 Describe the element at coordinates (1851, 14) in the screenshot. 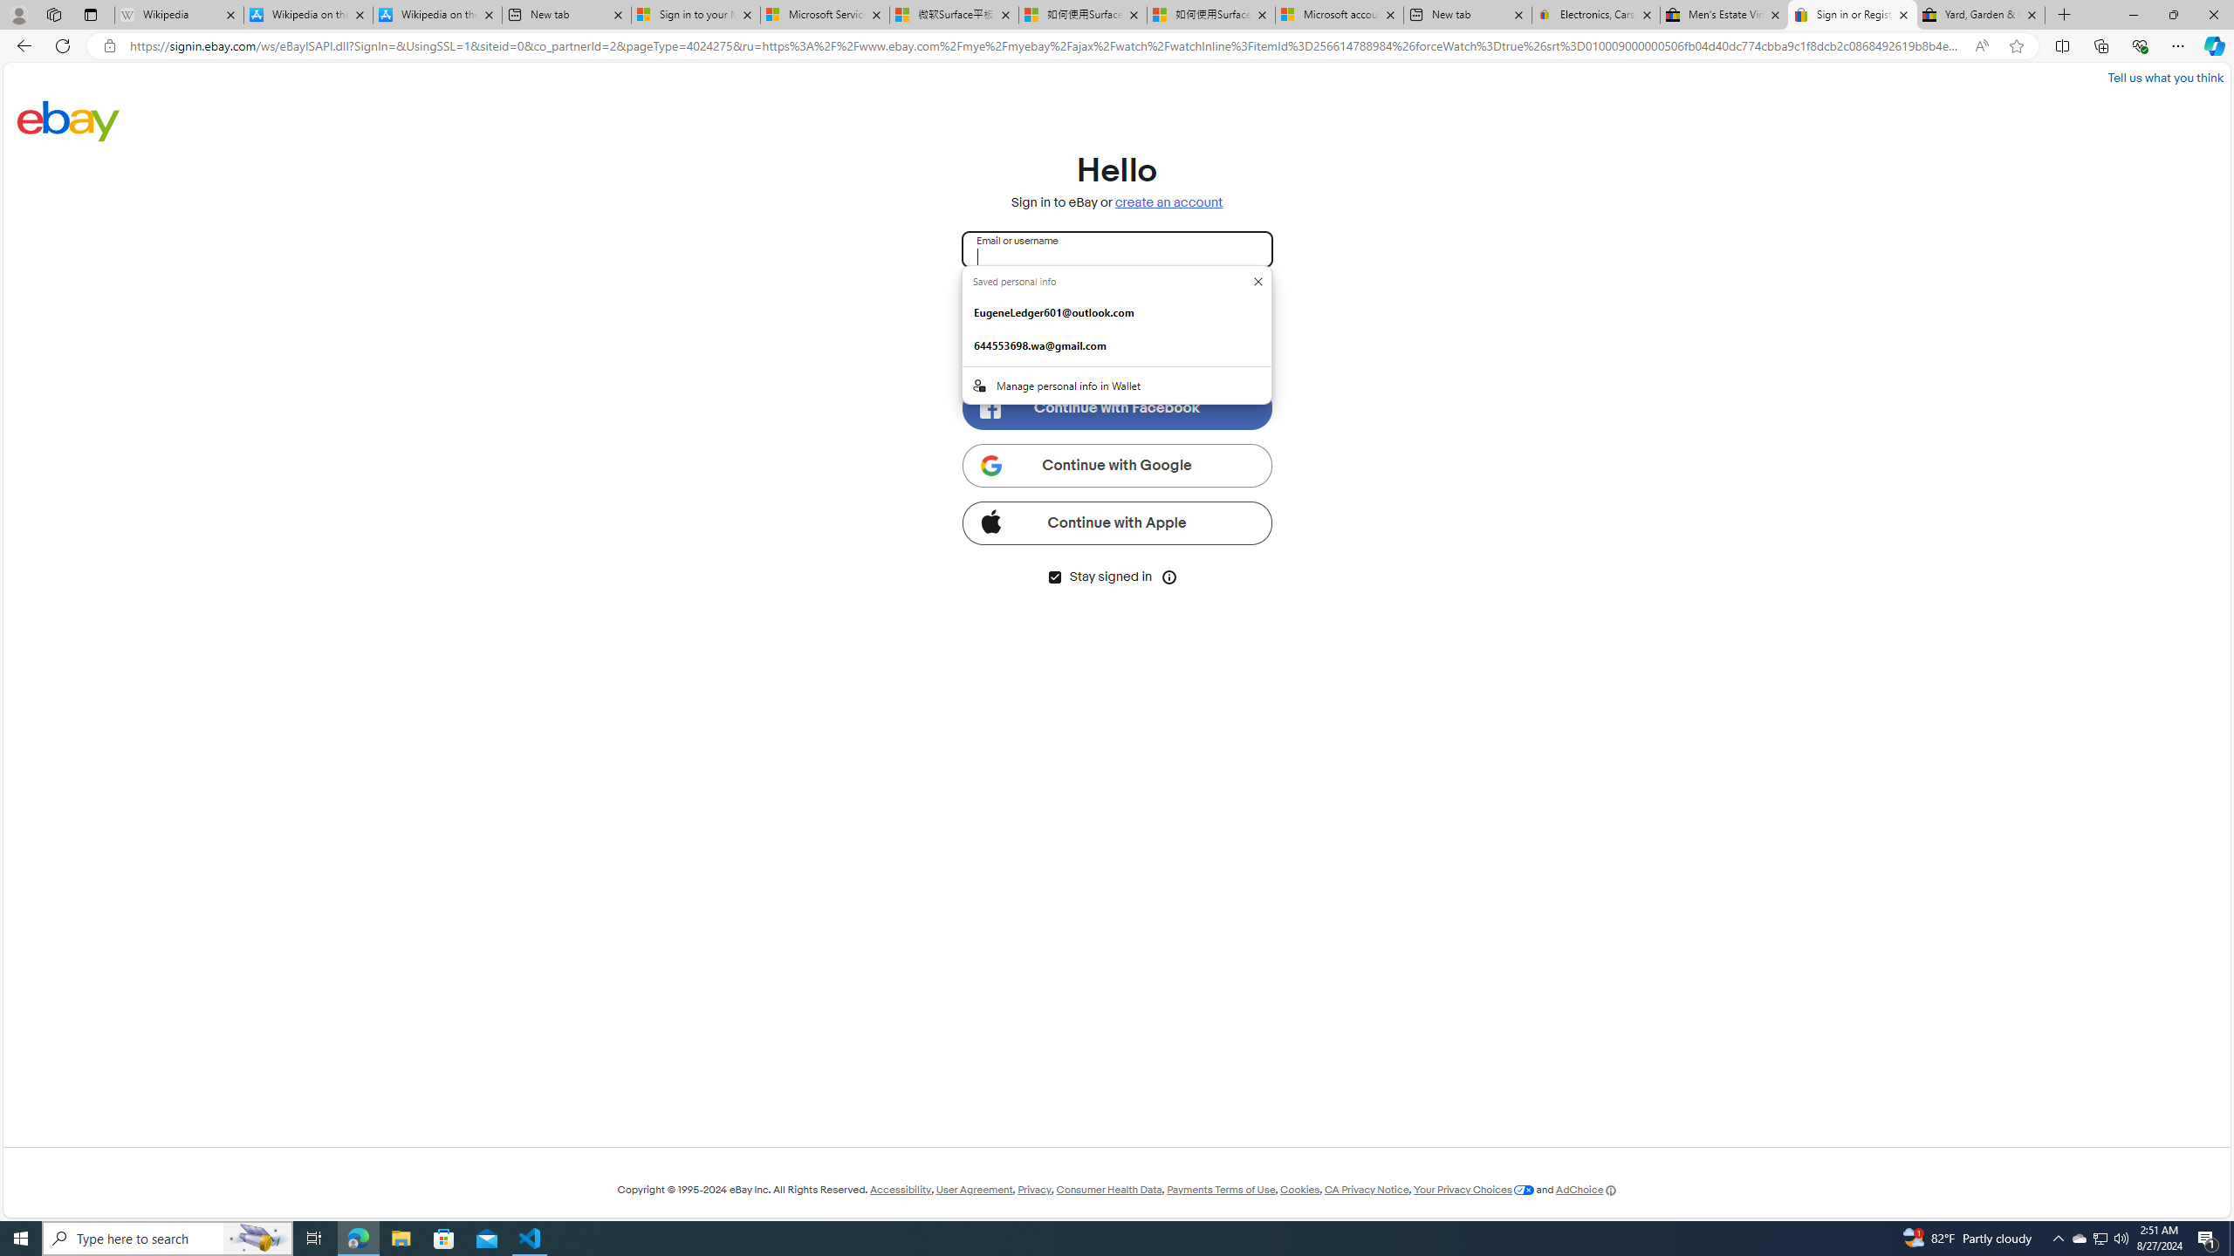

I see `'Sign in or Register | eBay'` at that location.